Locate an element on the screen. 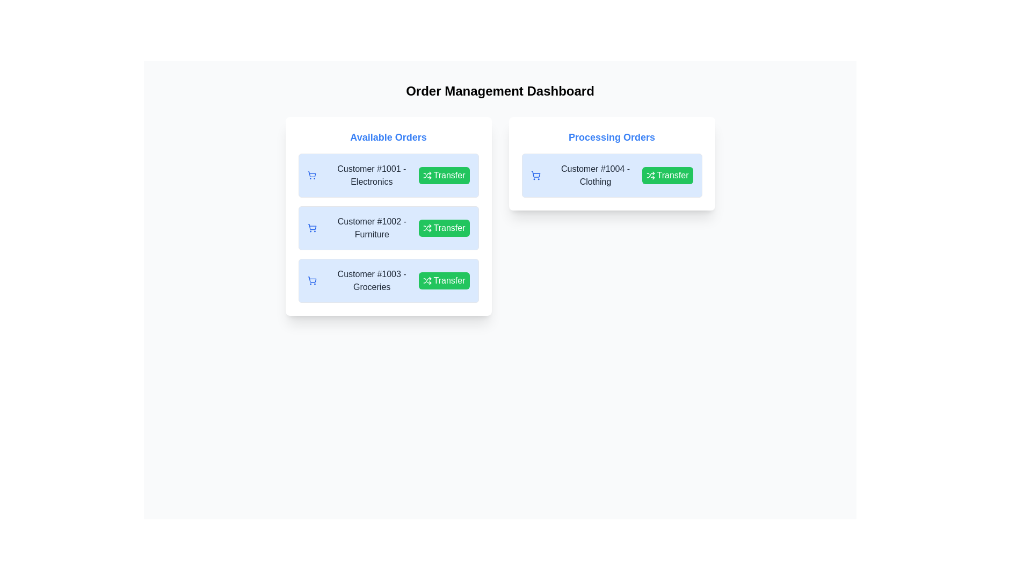 The width and height of the screenshot is (1031, 580). the 'Transfer' button for 'Customer #1002 - Furniture' is located at coordinates (444, 227).